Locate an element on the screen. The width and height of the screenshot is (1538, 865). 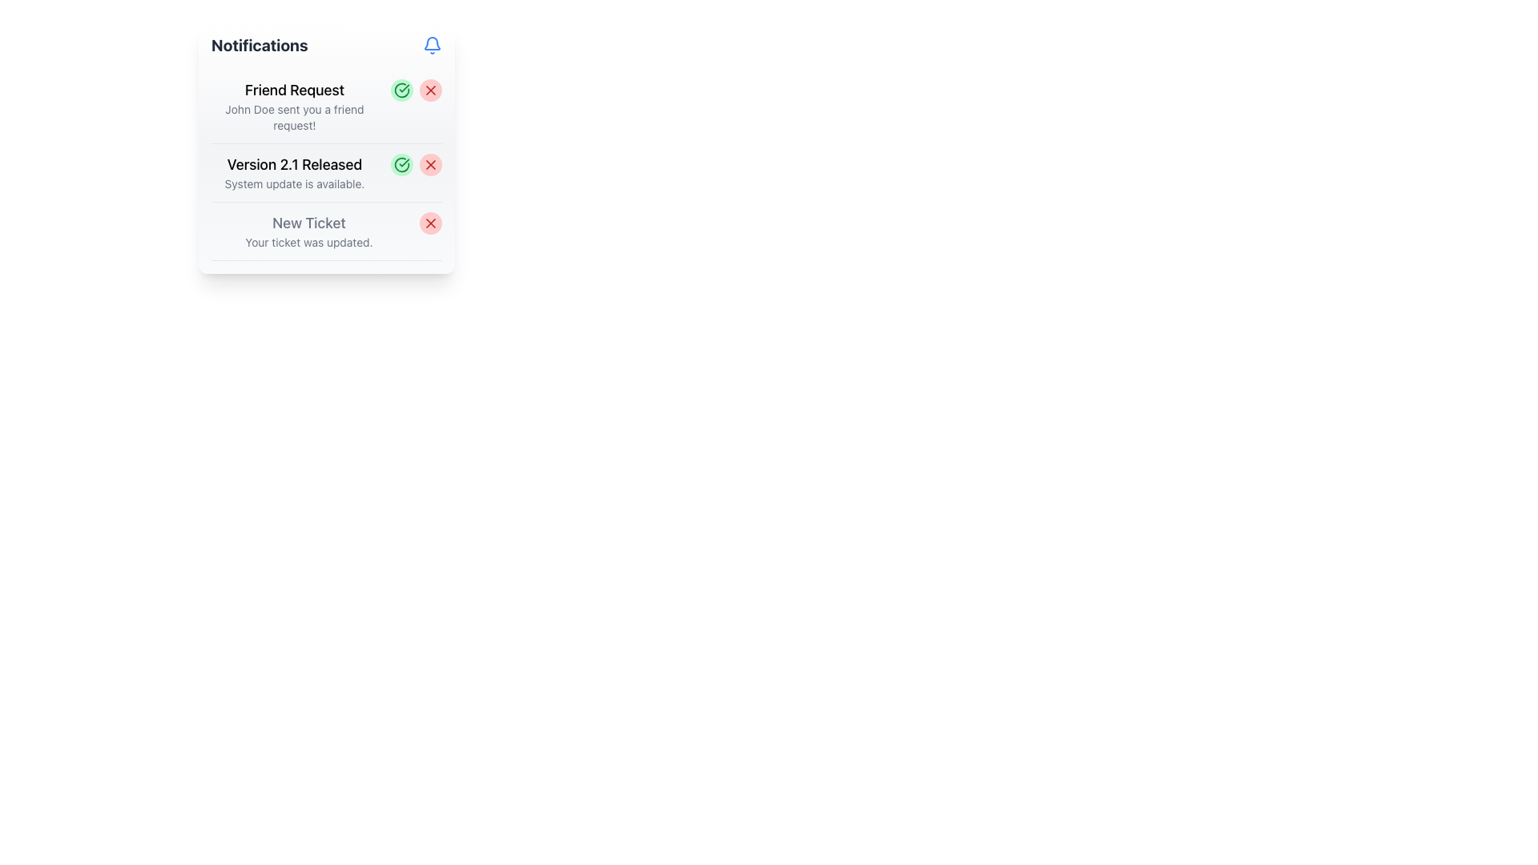
the circular red button with an 'X' icon is located at coordinates (430, 164).